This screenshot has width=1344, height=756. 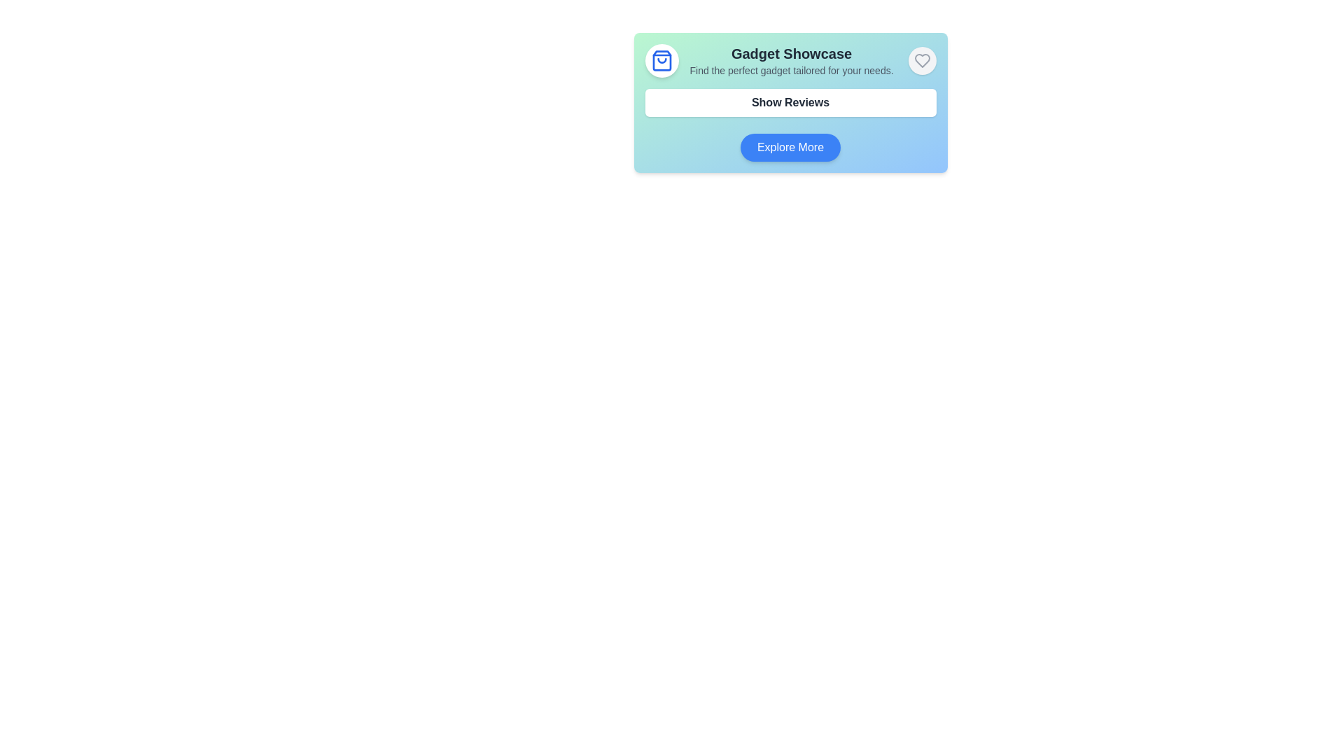 I want to click on the button located at the bottom center of the 'Gadget Showcase' panel to interact via keyboard navigation, so click(x=790, y=148).